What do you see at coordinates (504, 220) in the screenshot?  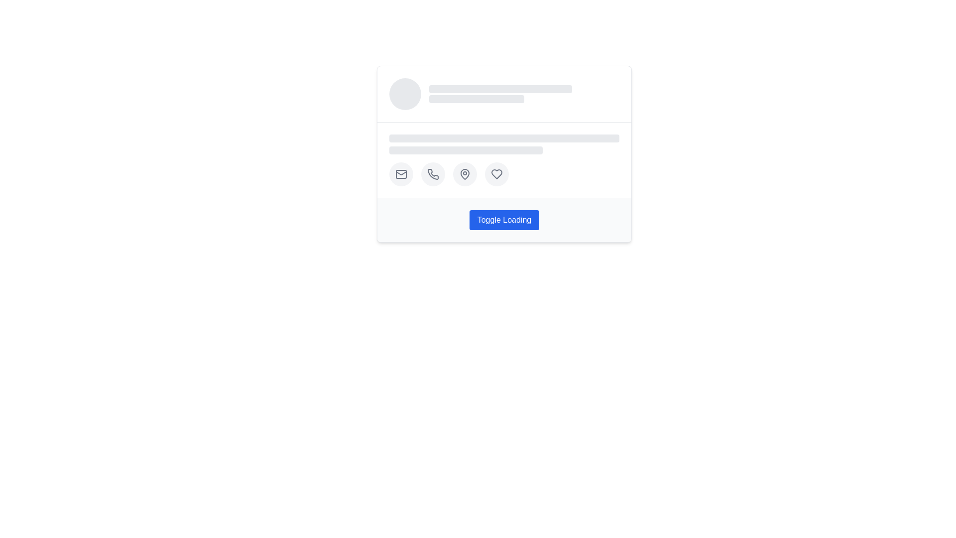 I see `the central toggle button located at the bottom section of the card-like element to observe its hover effects` at bounding box center [504, 220].